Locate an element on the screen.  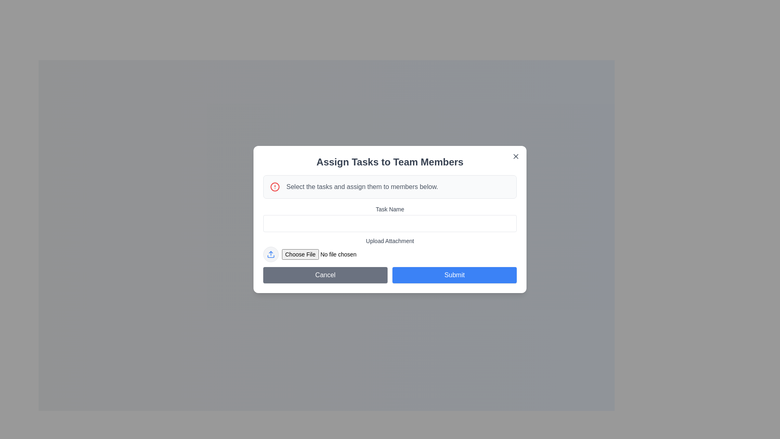
the Icon Button located above the 'Choose File' button in the 'Assign Tasks to Team Members' dialog, which serves as a visual indicator for file upload functionality is located at coordinates (271, 254).